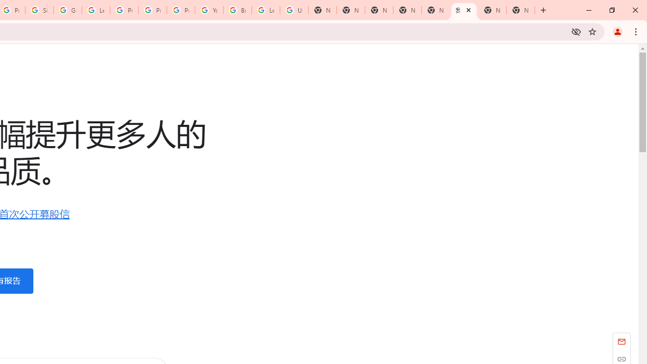 The height and width of the screenshot is (364, 647). Describe the element at coordinates (39, 10) in the screenshot. I see `'Sign in - Google Accounts'` at that location.